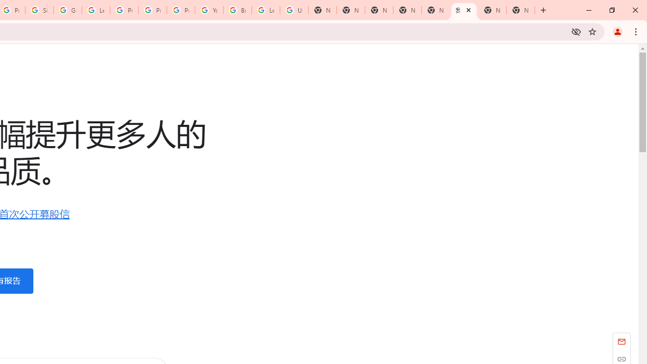 The height and width of the screenshot is (364, 647). Describe the element at coordinates (39, 10) in the screenshot. I see `'Sign in - Google Accounts'` at that location.